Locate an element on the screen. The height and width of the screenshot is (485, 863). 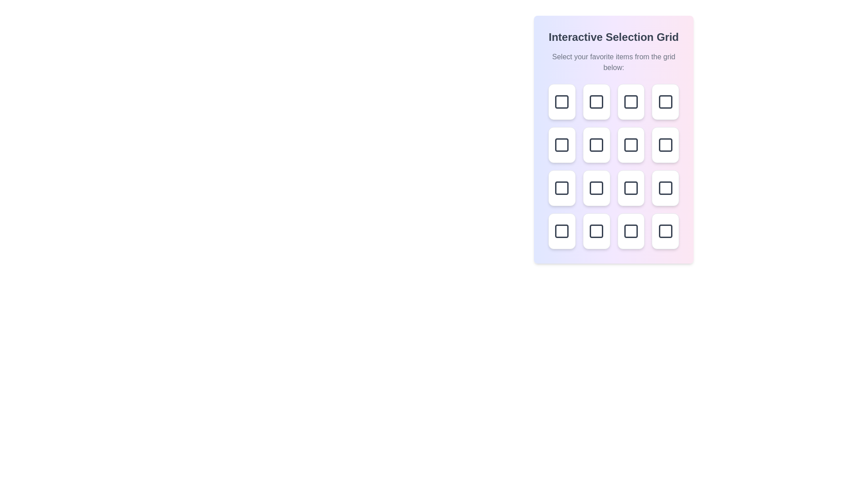
the button located in the second row, first column of the interactive grid to interact via keyboard is located at coordinates (561, 145).